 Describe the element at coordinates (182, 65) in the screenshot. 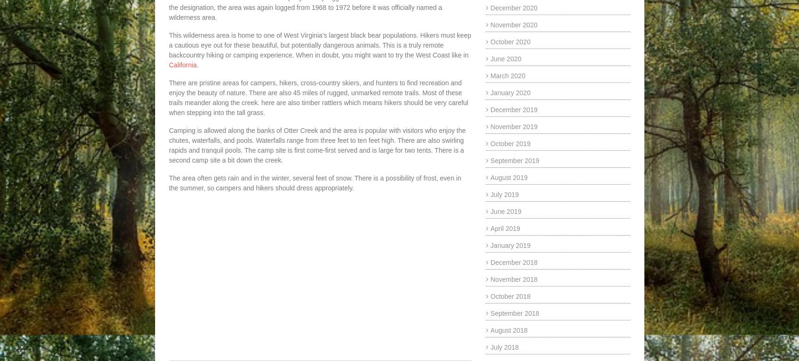

I see `'California'` at that location.